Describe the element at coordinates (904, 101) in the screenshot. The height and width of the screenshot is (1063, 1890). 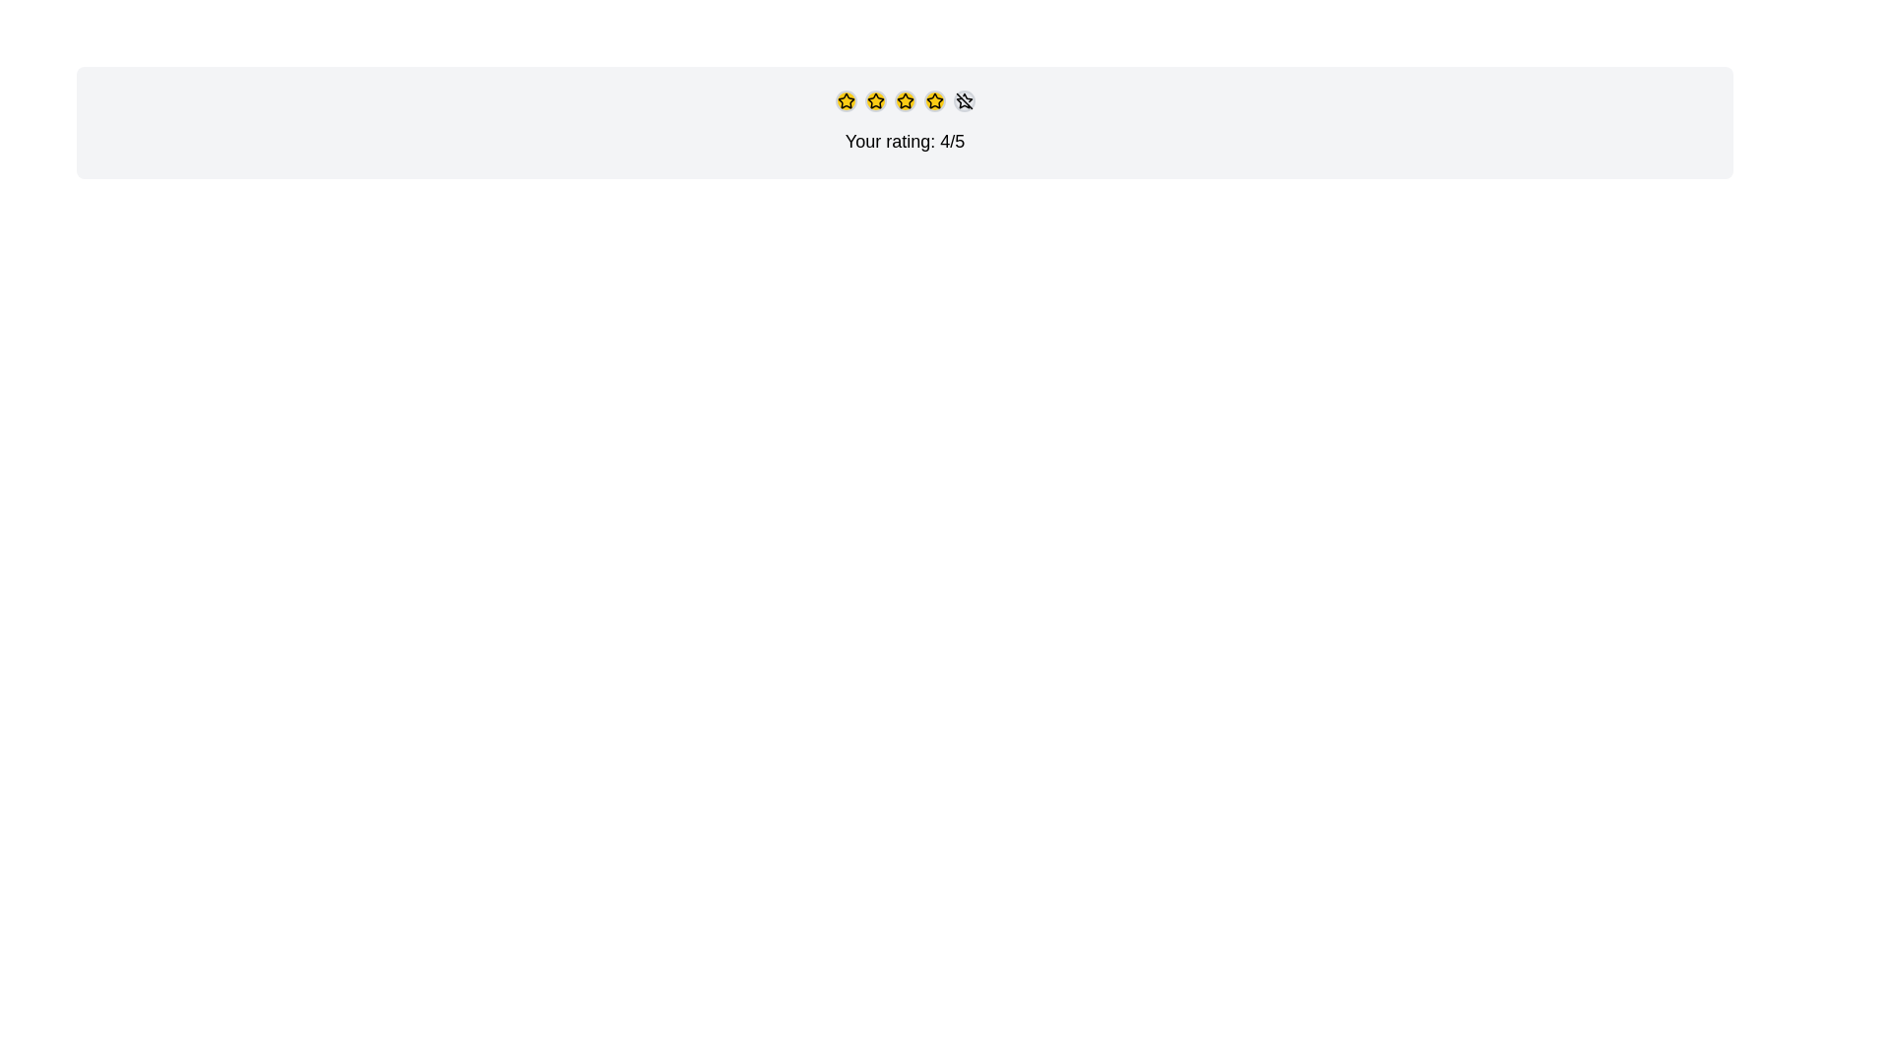
I see `the highlighted star icon in the interactive rating graphic, which is the third star icon from the left with a yellow background and a star symbol, located at the top center of the interface` at that location.